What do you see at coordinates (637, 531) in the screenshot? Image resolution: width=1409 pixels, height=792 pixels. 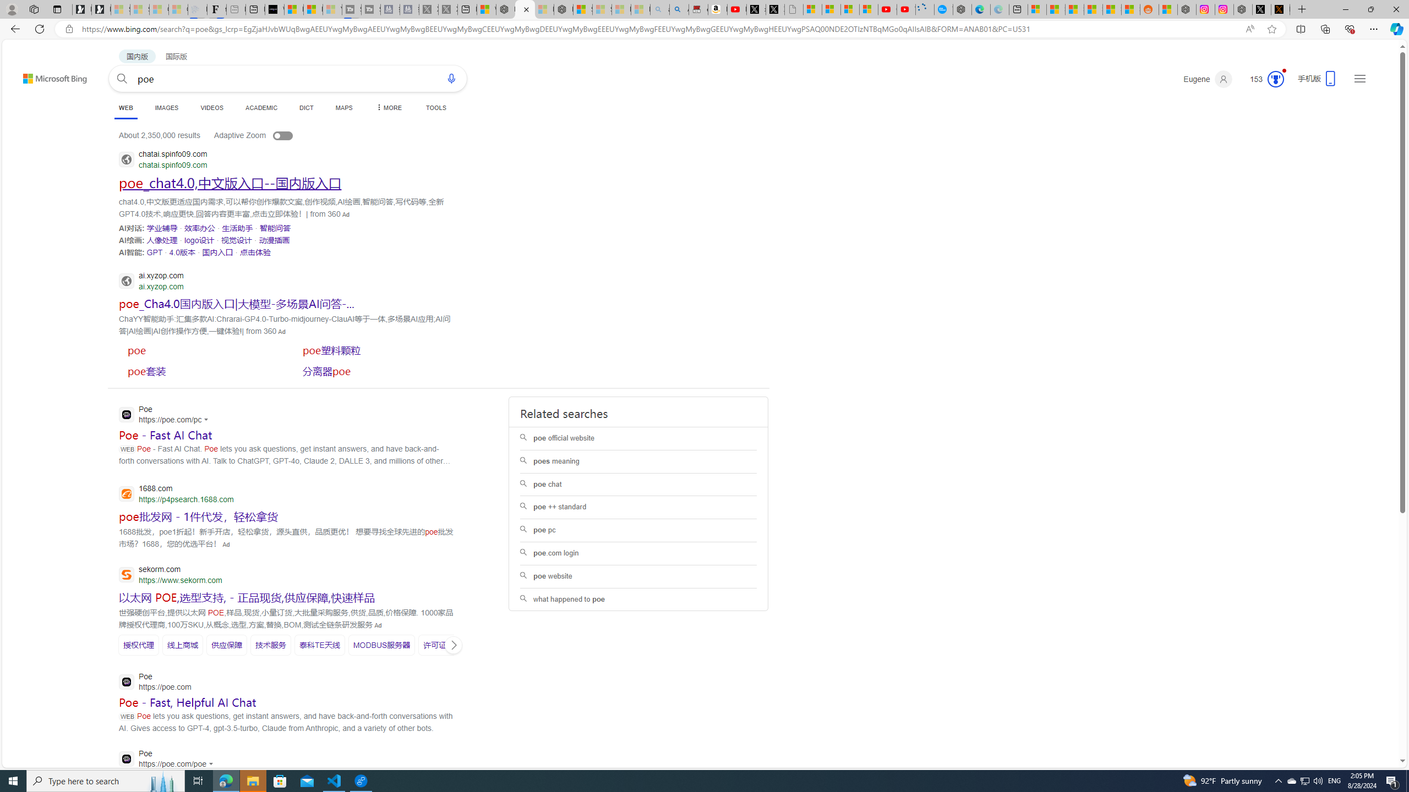 I see `'poe pc'` at bounding box center [637, 531].